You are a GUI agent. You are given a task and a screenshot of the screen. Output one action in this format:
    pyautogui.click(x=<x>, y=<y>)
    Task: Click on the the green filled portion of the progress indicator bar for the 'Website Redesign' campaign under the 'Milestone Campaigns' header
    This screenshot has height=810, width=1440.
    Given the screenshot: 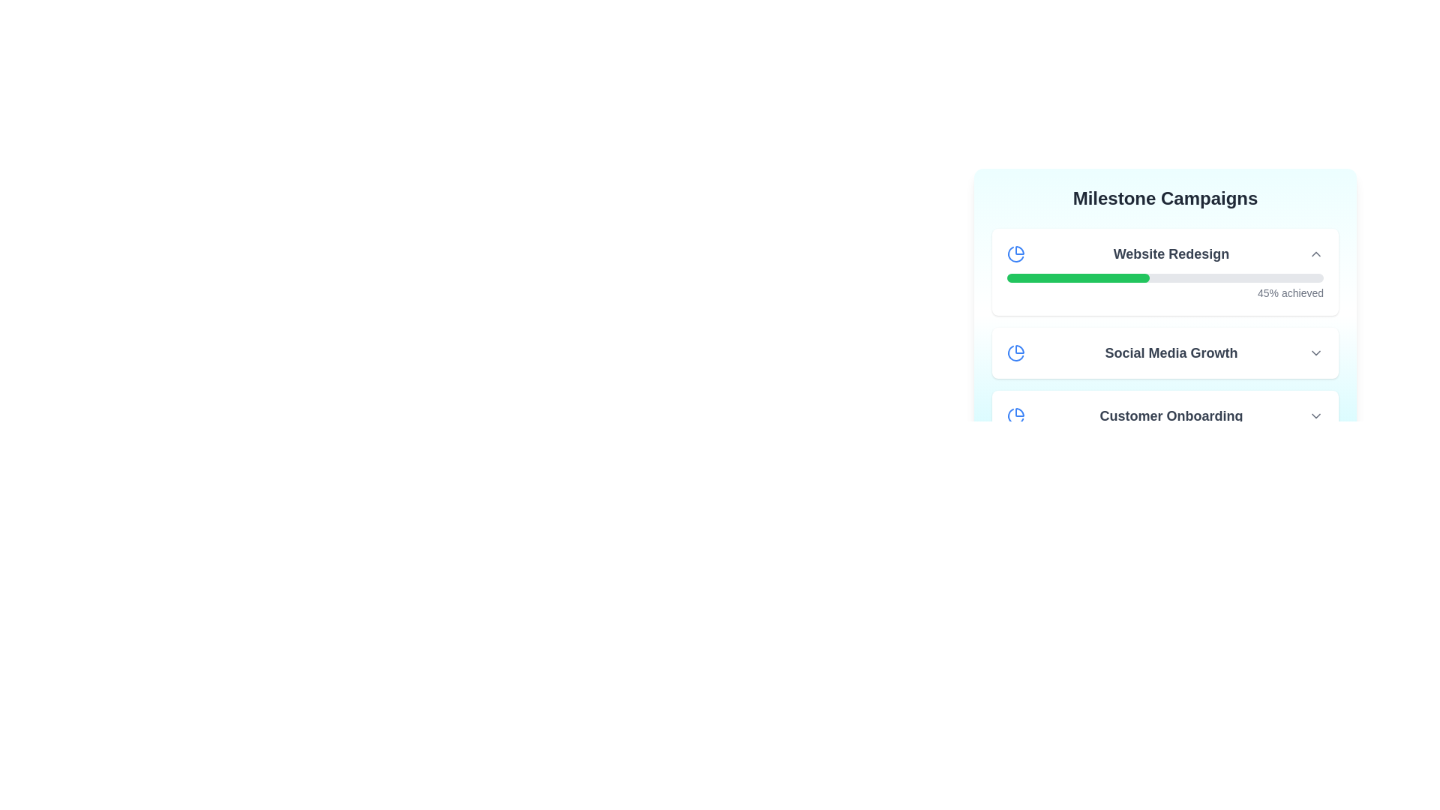 What is the action you would take?
    pyautogui.click(x=1077, y=277)
    